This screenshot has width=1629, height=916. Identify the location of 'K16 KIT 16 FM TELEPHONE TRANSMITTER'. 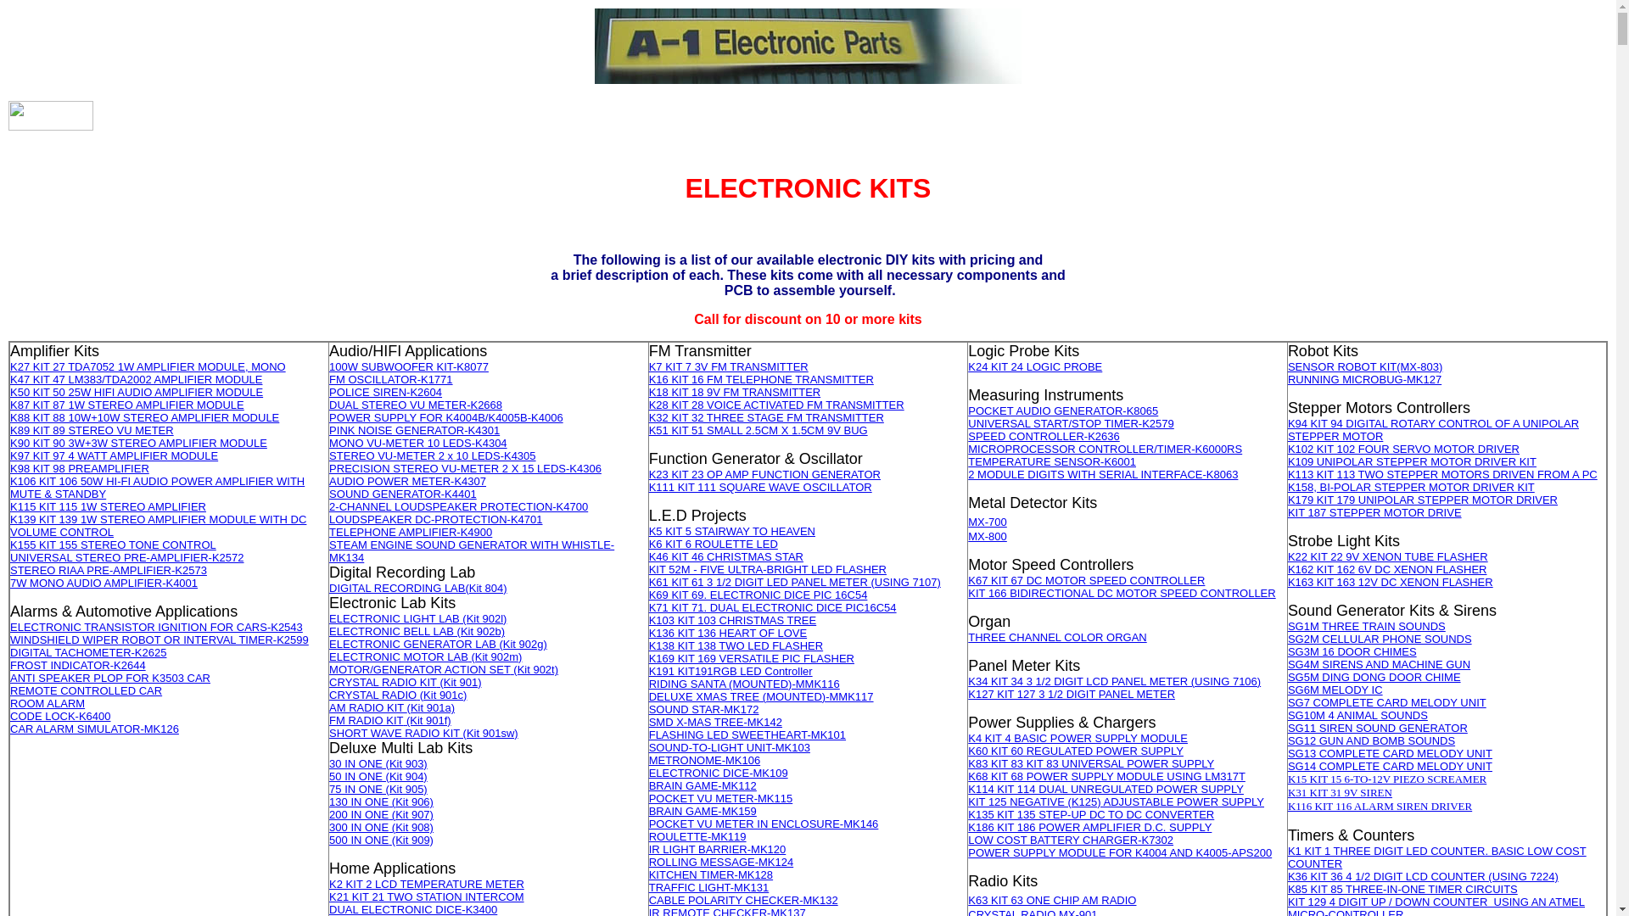
(760, 378).